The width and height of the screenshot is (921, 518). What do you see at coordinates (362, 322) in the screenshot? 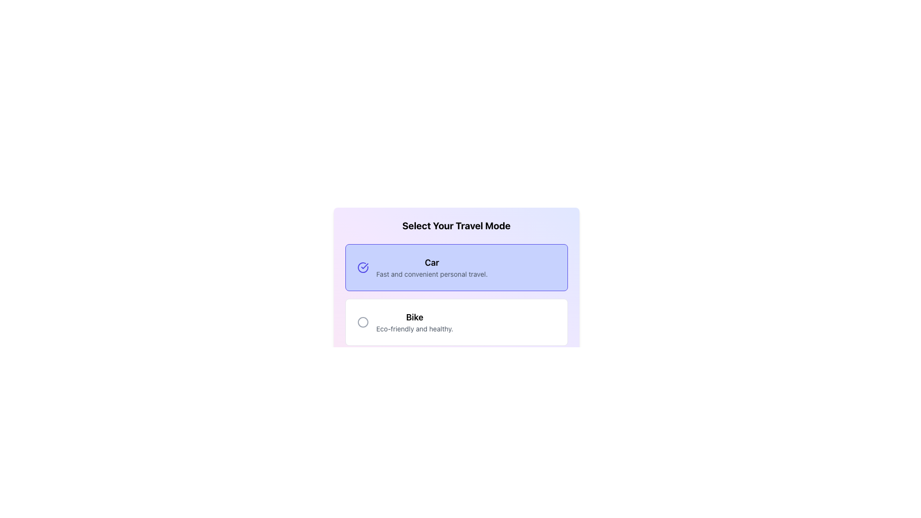
I see `the circular icon with a gray stroke located to the left of the bold 'Bike' text in the 'Select Your Travel Mode' interface` at bounding box center [362, 322].